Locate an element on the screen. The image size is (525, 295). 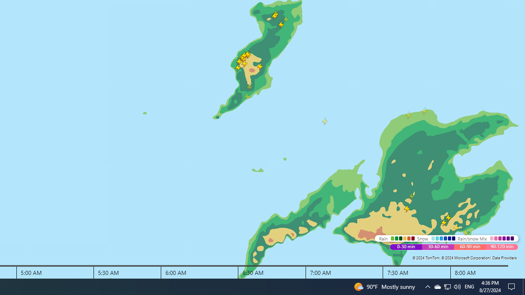
'Notification Chevron' is located at coordinates (447, 286).